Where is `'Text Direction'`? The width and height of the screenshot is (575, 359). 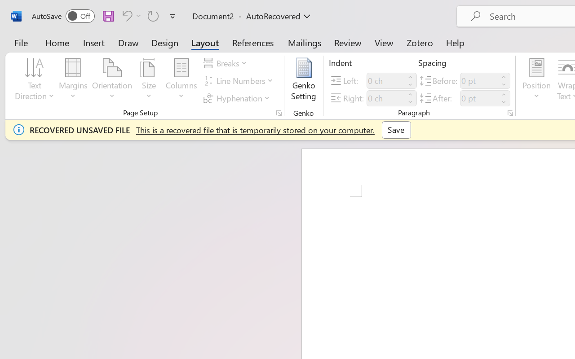 'Text Direction' is located at coordinates (35, 80).